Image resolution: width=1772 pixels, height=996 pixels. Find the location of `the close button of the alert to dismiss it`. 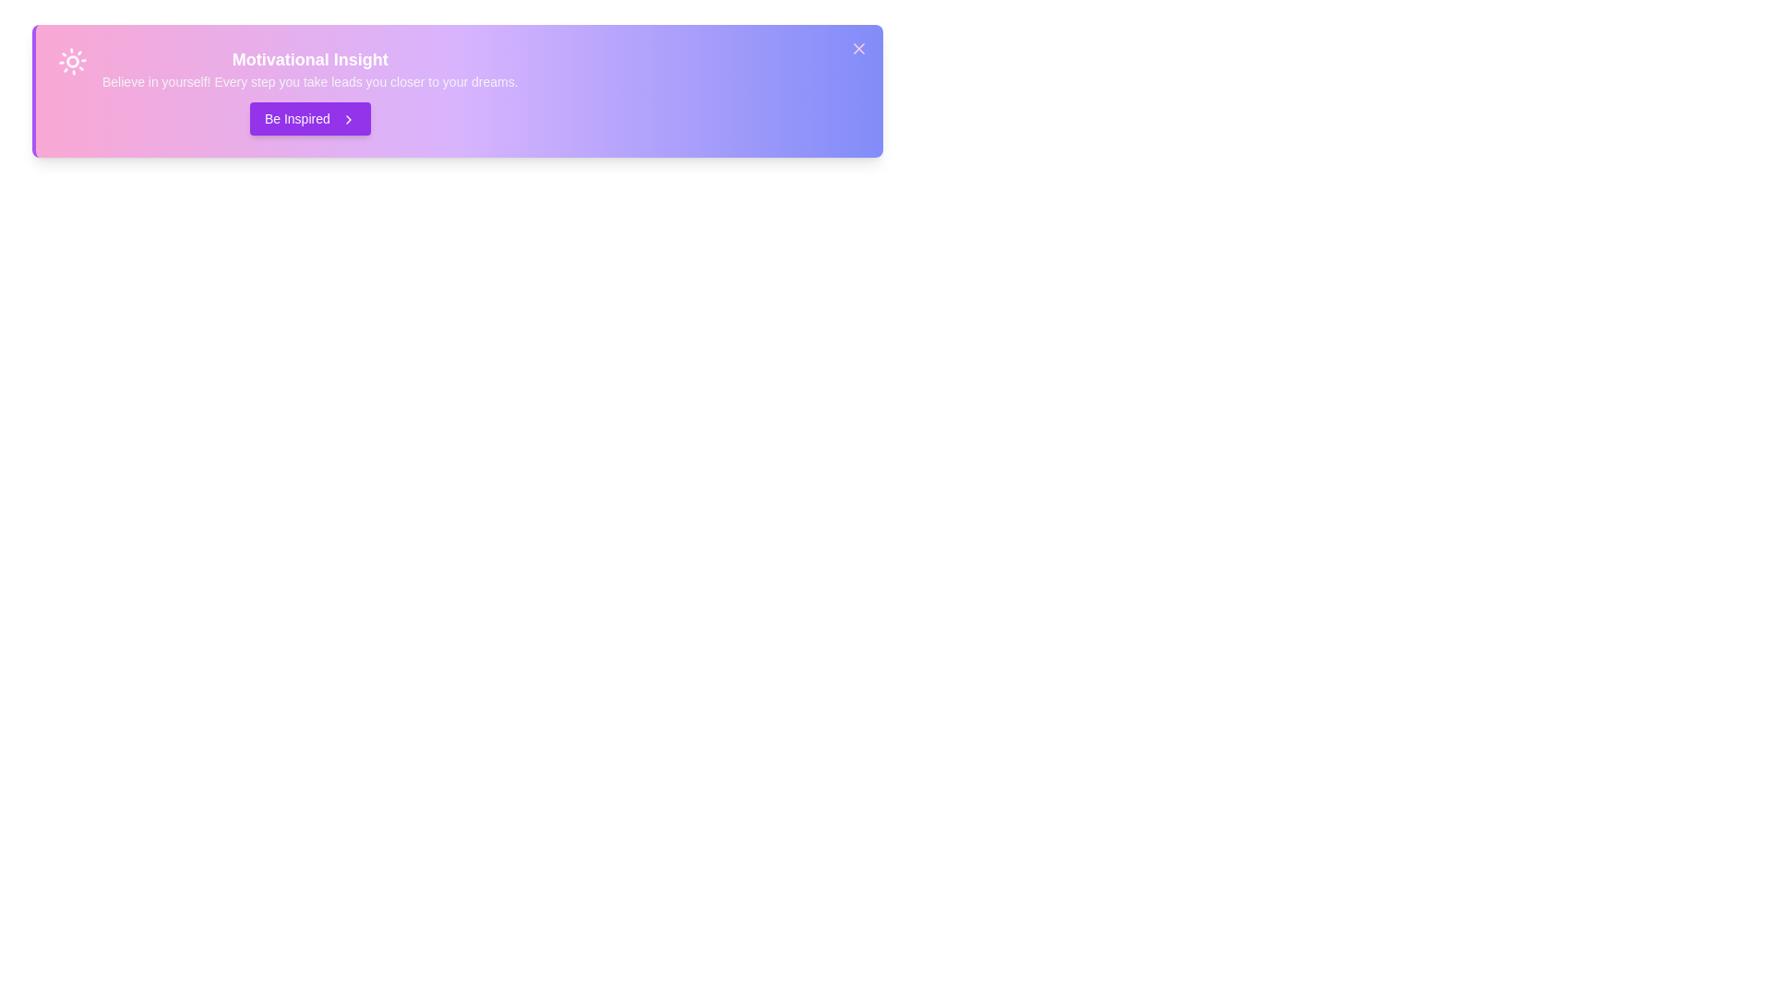

the close button of the alert to dismiss it is located at coordinates (858, 48).